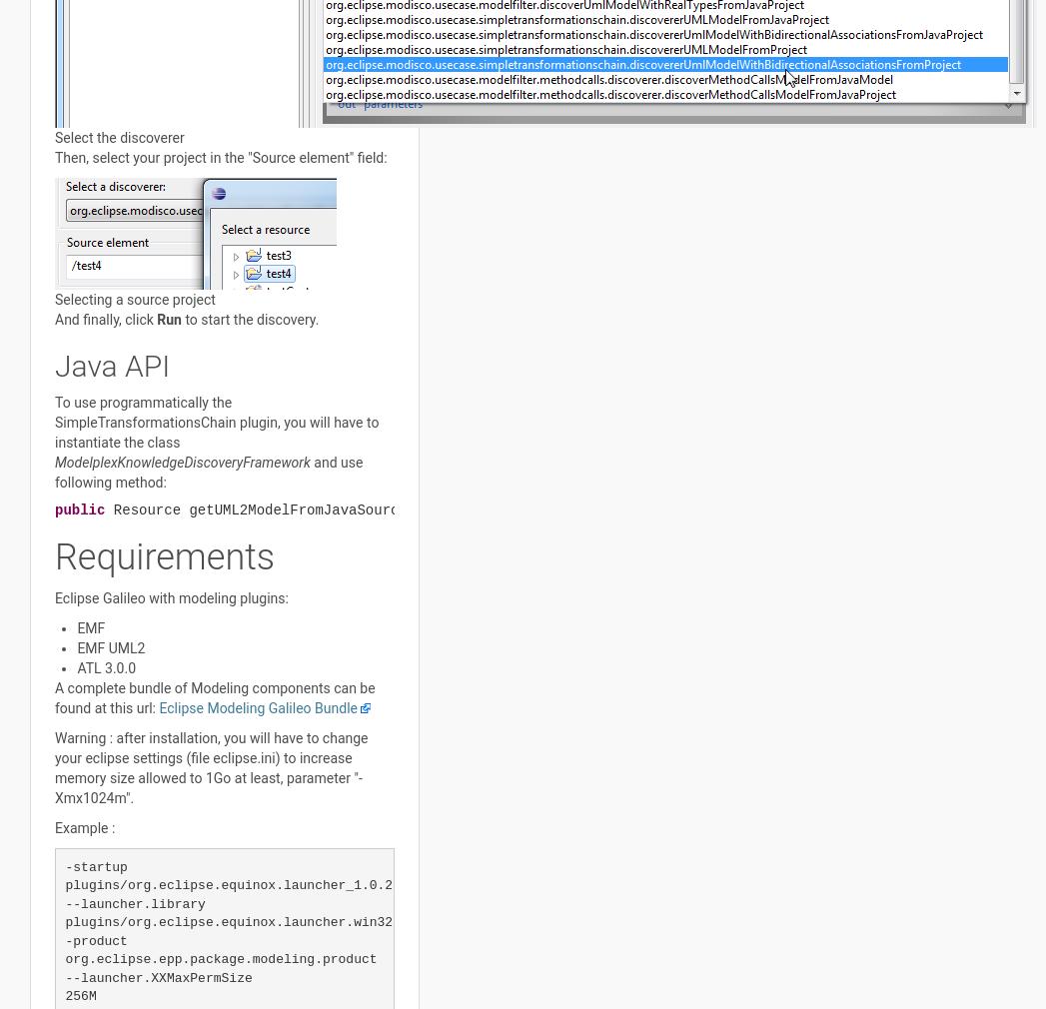  Describe the element at coordinates (111, 365) in the screenshot. I see `'Java API'` at that location.